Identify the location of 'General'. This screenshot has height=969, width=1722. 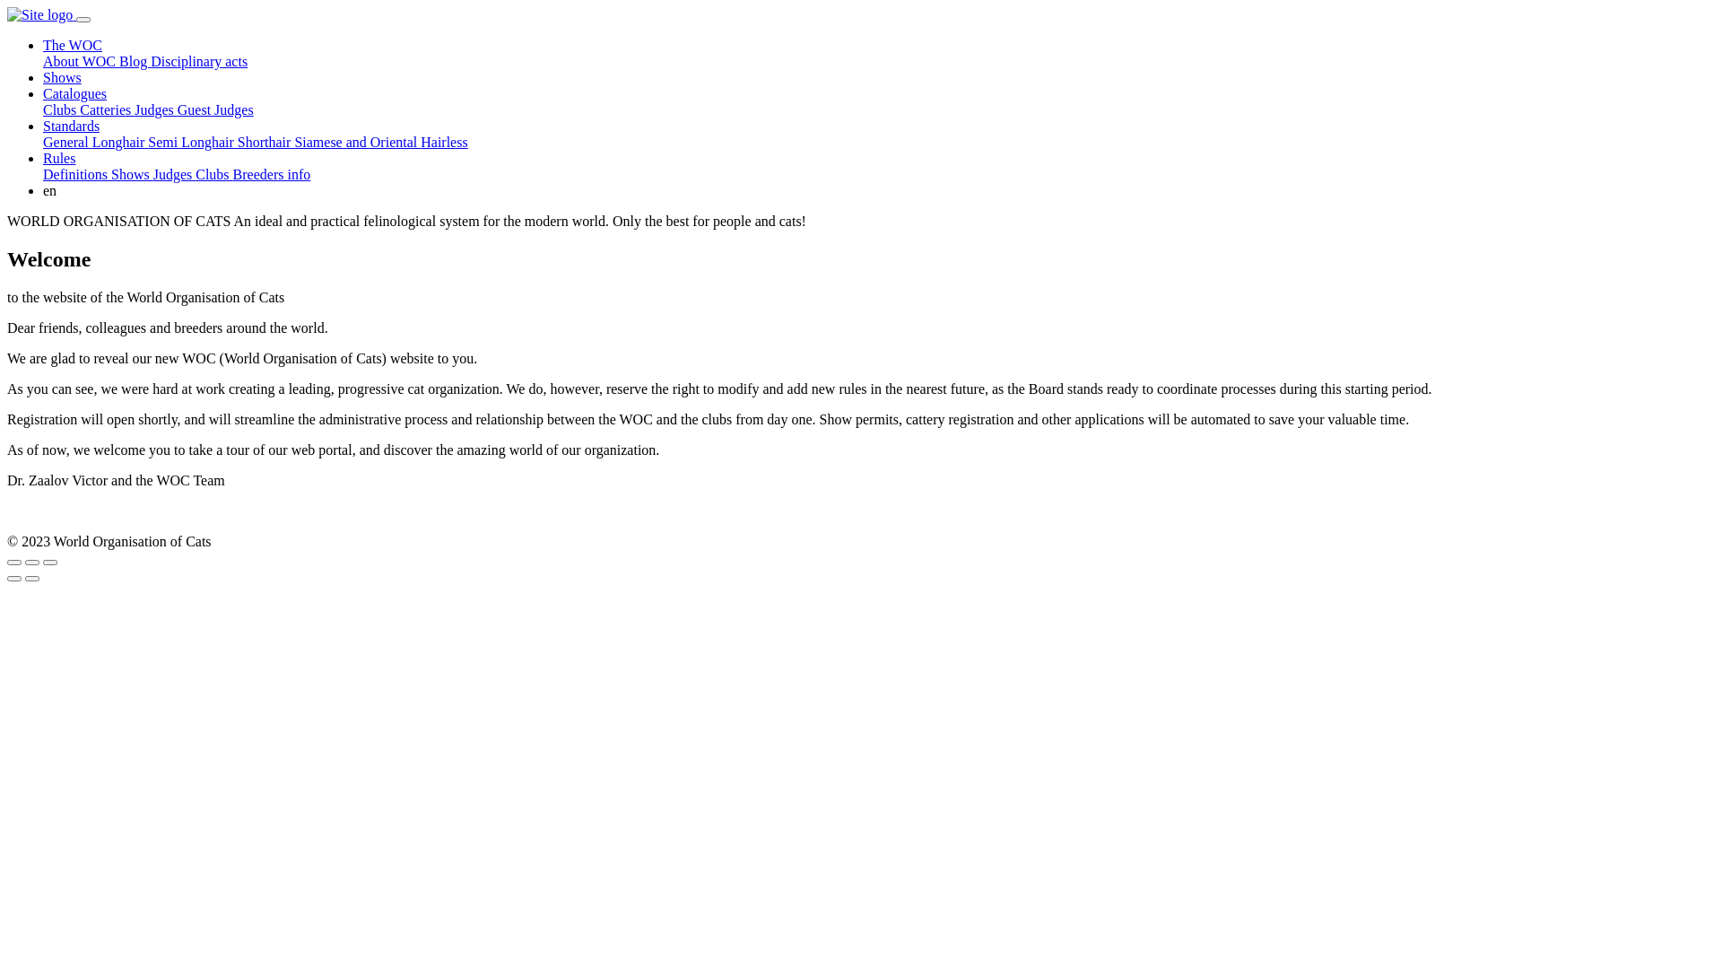
(67, 141).